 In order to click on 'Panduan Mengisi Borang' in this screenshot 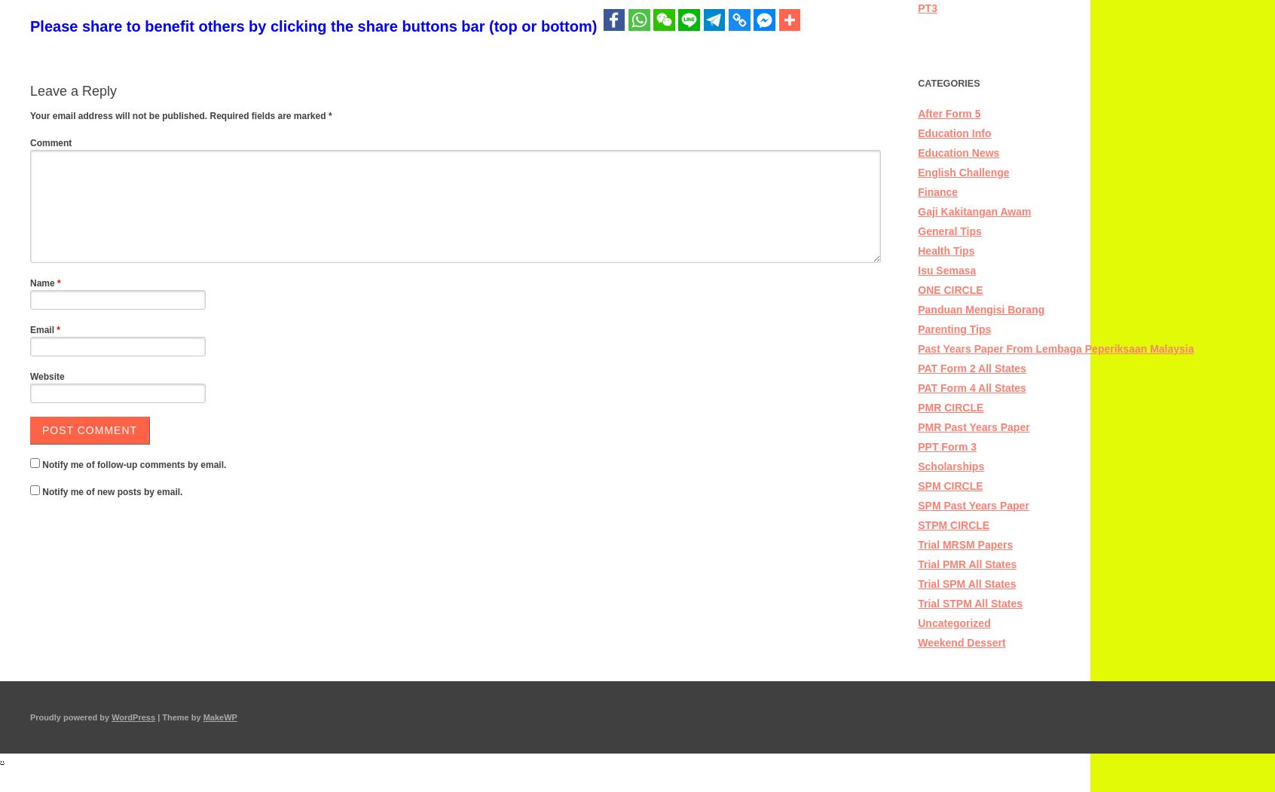, I will do `click(980, 308)`.